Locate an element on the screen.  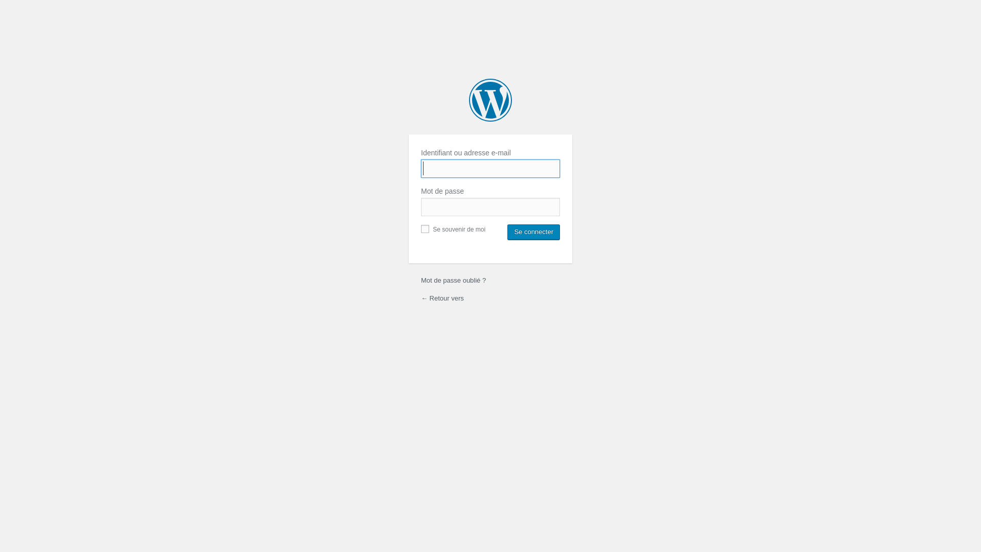
'Se connecter' is located at coordinates (533, 232).